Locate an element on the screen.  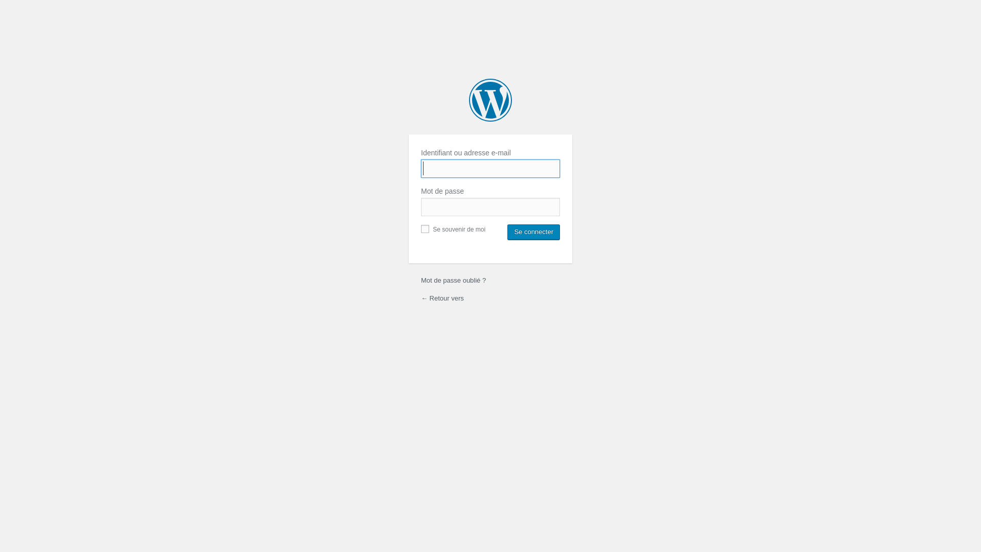
'Se connecter' is located at coordinates (533, 232).